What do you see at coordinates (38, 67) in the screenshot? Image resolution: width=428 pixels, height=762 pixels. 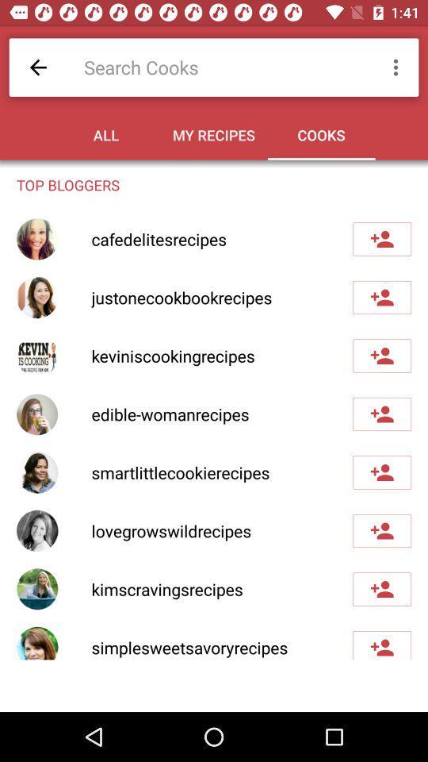 I see `go back` at bounding box center [38, 67].